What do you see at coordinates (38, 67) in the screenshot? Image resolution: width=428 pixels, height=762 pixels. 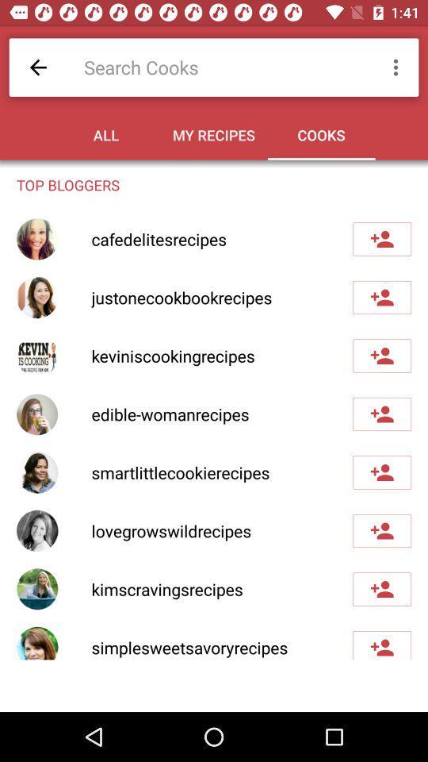 I see `go back` at bounding box center [38, 67].